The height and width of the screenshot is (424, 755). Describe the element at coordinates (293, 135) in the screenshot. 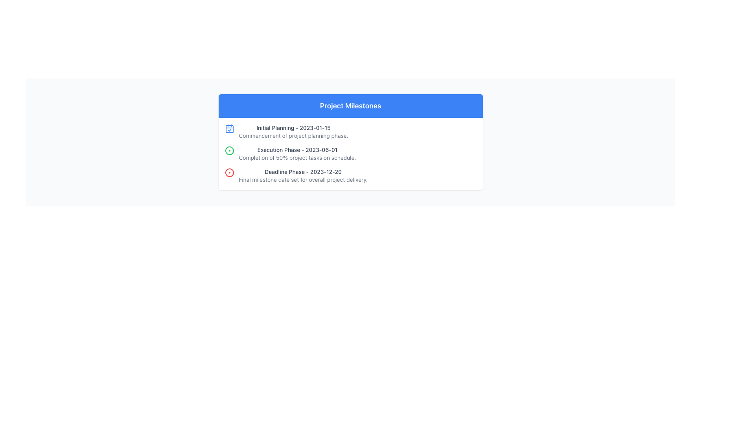

I see `the Text label that provides details about the milestone titled 'Initial Planning - 2023-01-15', located under the category 'Project Milestones'` at that location.